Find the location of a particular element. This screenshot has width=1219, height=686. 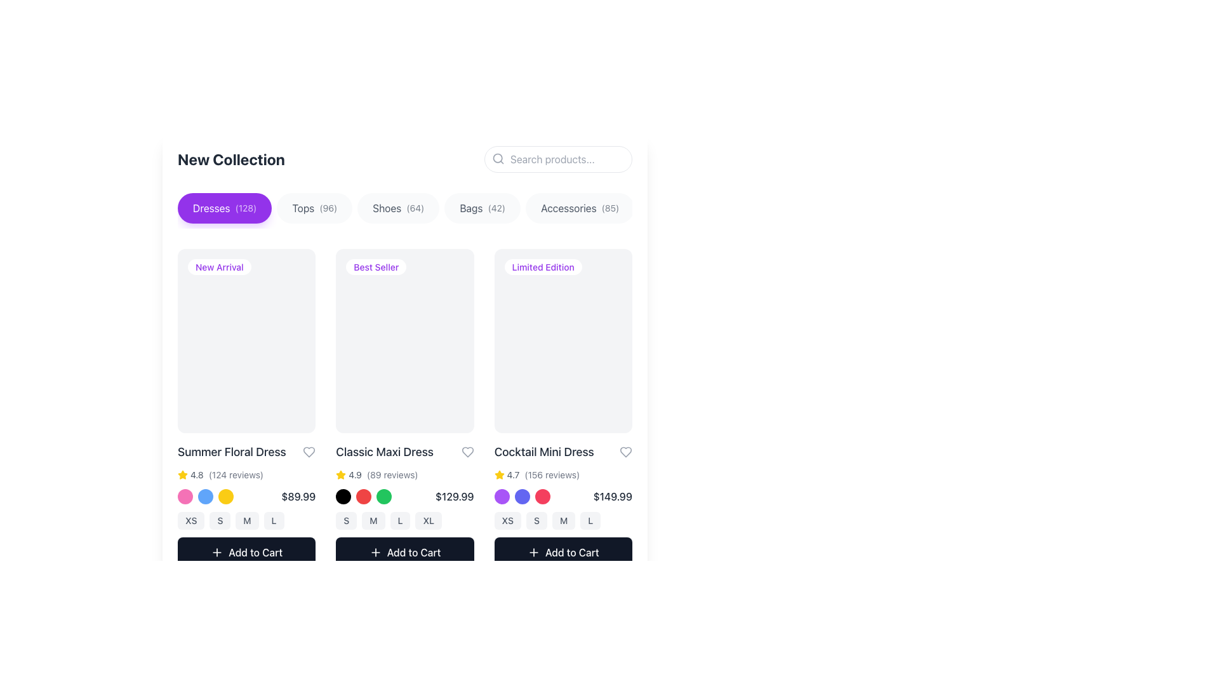

the pink color selector indicator, which is a circular element filled with pink color, located at the bottom left of the 'Summer Floral Dress' section is located at coordinates (185, 495).